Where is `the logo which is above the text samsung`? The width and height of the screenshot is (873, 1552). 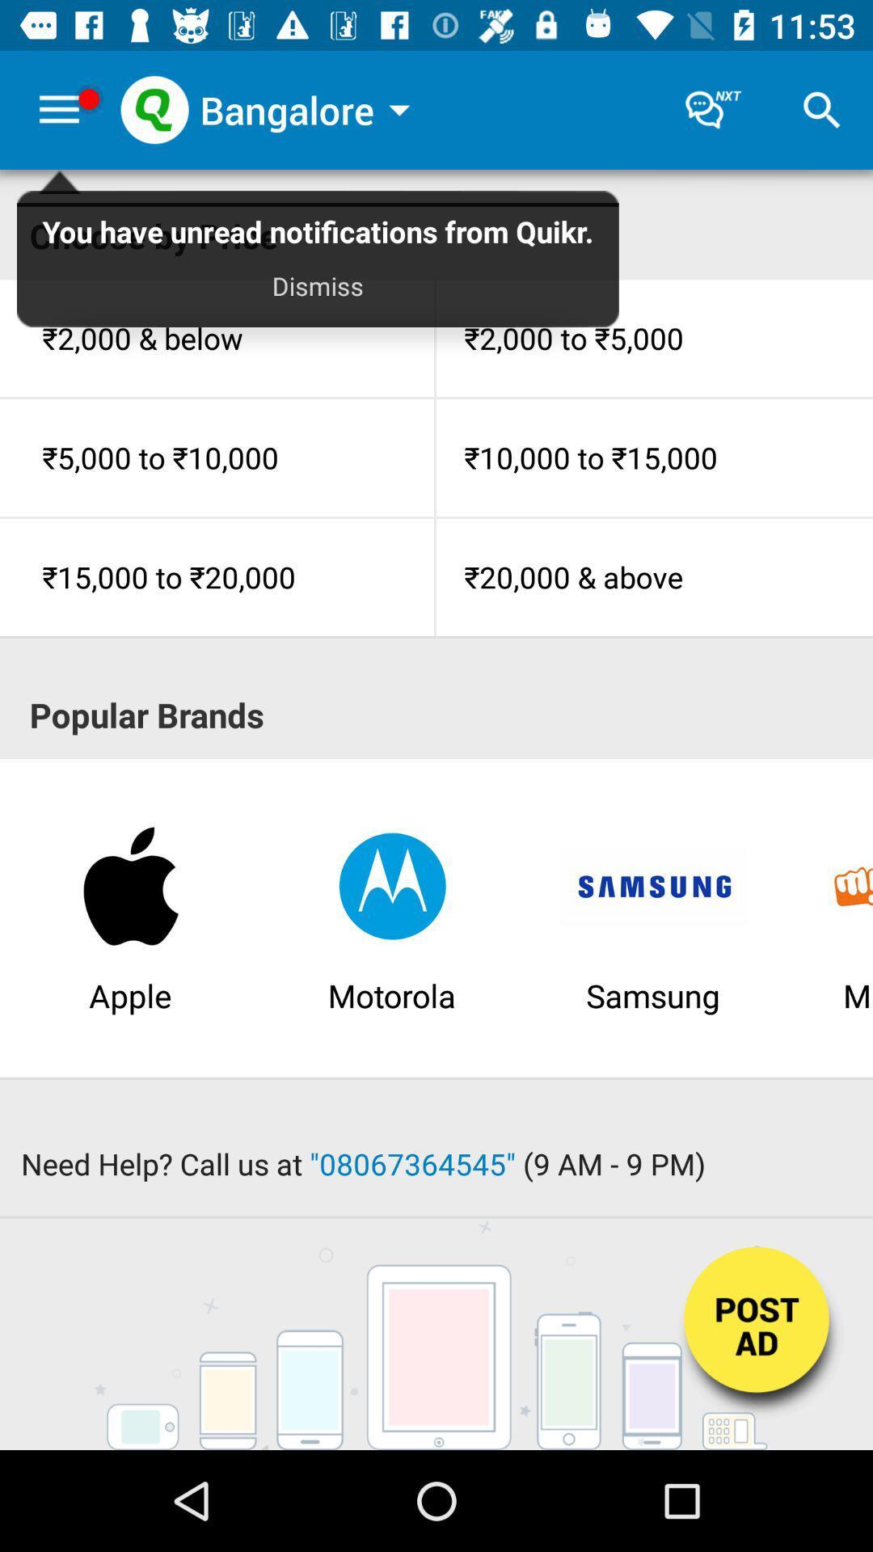
the logo which is above the text samsung is located at coordinates (652, 884).